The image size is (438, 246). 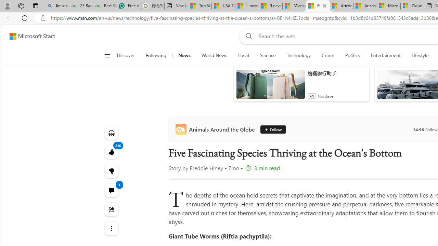 What do you see at coordinates (420, 55) in the screenshot?
I see `'Lifestyle'` at bounding box center [420, 55].